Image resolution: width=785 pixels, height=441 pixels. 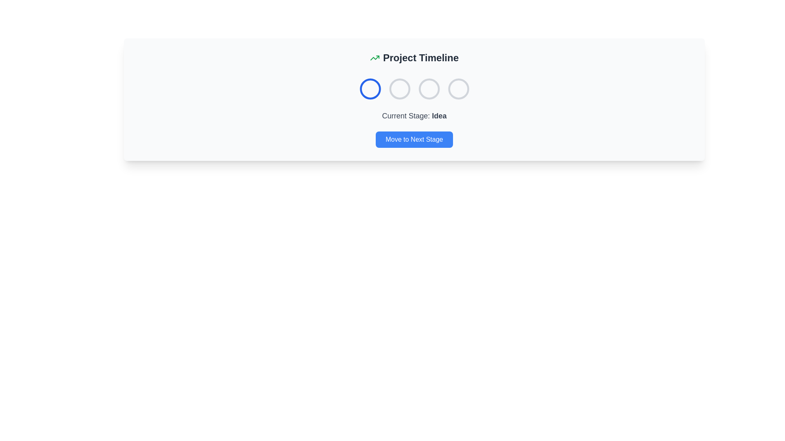 I want to click on the upward-trending line graph icon with a green stroke color, located left of the text 'Project Timeline' in the header section, so click(x=374, y=58).